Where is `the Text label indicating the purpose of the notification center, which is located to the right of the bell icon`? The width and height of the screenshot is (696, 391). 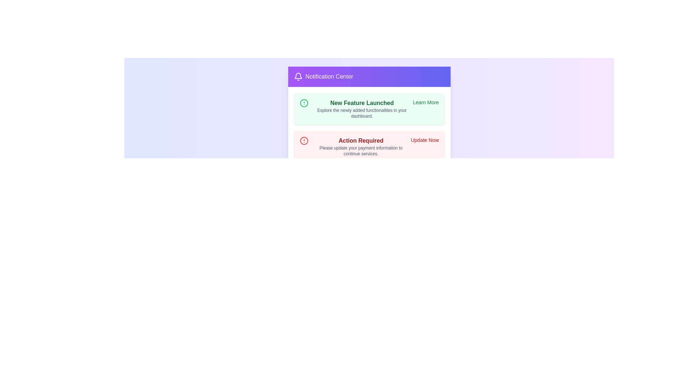 the Text label indicating the purpose of the notification center, which is located to the right of the bell icon is located at coordinates (329, 77).